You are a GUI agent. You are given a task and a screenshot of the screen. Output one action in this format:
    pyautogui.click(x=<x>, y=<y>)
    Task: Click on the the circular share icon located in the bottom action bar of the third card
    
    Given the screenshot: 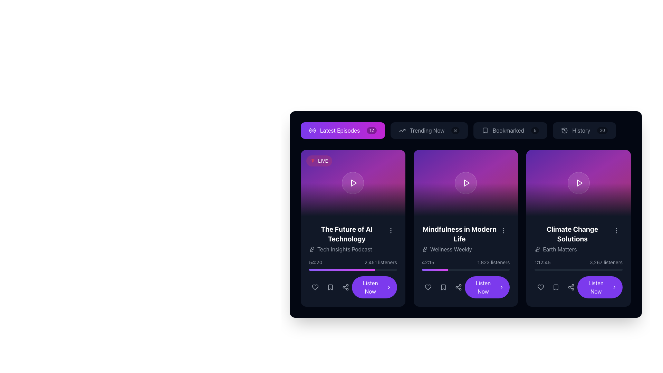 What is the action you would take?
    pyautogui.click(x=571, y=287)
    